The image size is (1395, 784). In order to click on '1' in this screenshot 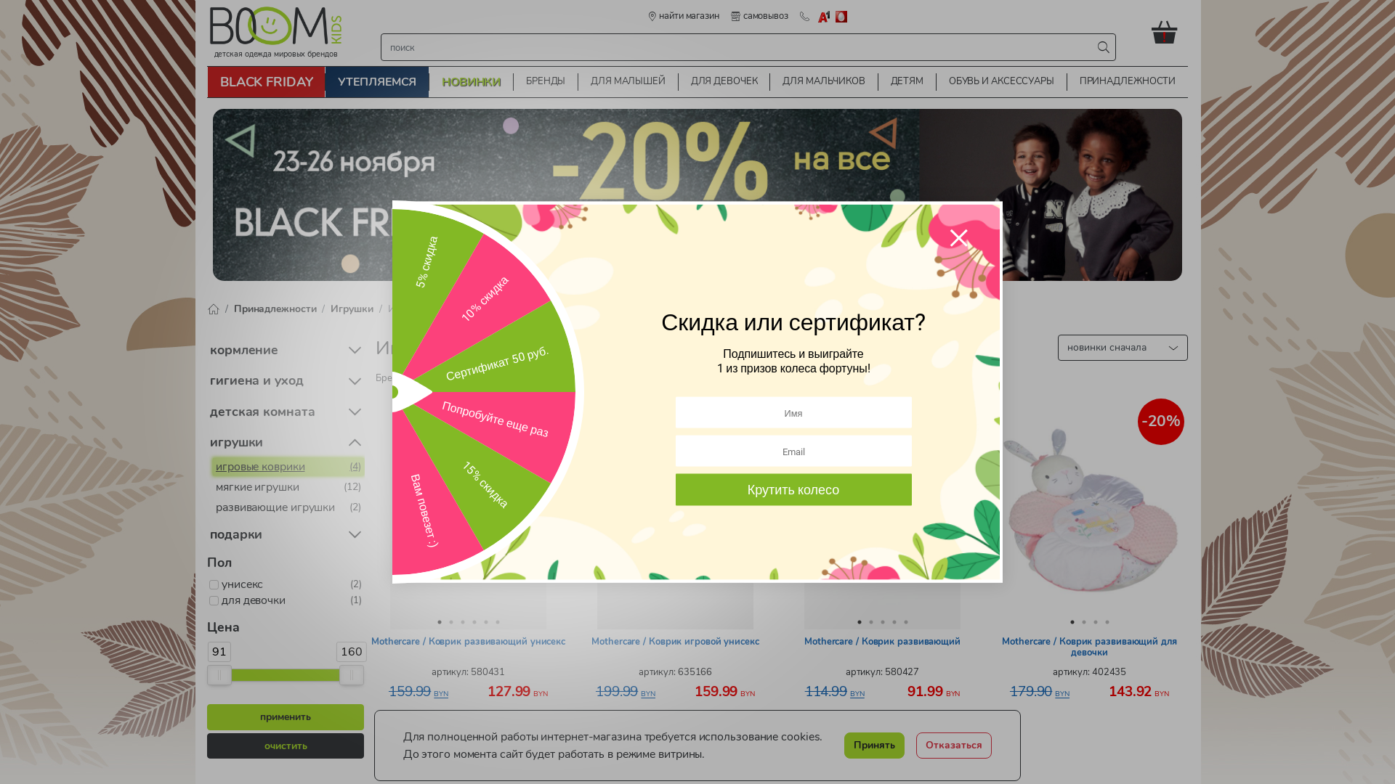, I will do `click(858, 621)`.